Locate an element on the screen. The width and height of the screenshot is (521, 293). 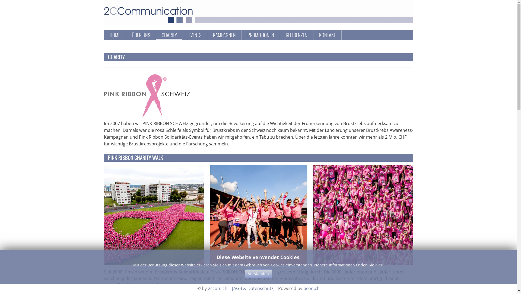
'[AGB & Datenschutz]' is located at coordinates (253, 288).